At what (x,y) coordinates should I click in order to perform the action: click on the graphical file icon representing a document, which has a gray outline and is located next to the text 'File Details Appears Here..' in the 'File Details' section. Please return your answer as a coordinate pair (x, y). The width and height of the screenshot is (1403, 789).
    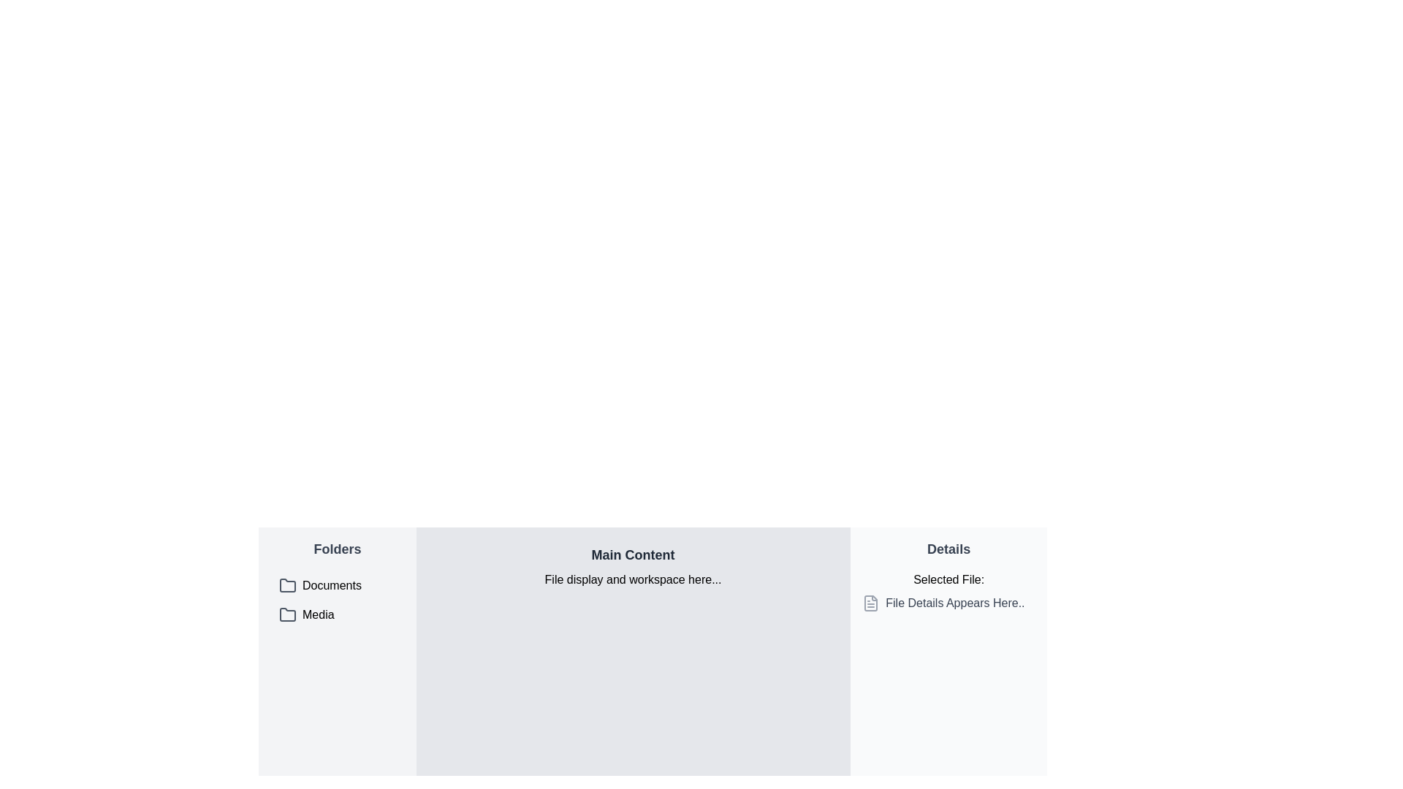
    Looking at the image, I should click on (871, 603).